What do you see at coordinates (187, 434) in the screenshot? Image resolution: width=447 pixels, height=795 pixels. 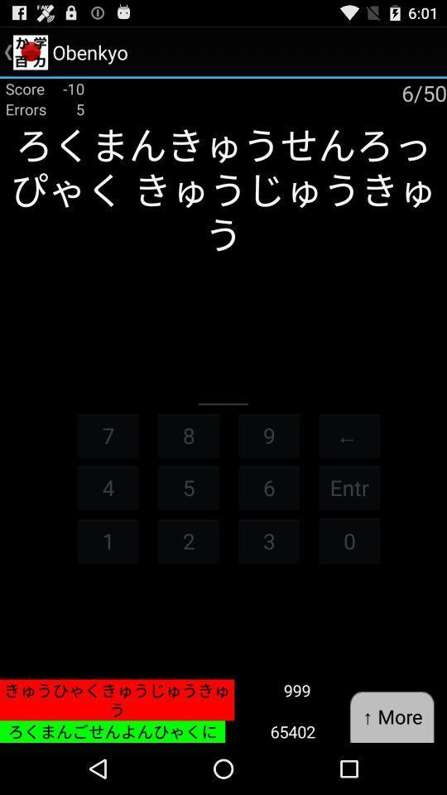 I see `the button to the left of 9 icon` at bounding box center [187, 434].